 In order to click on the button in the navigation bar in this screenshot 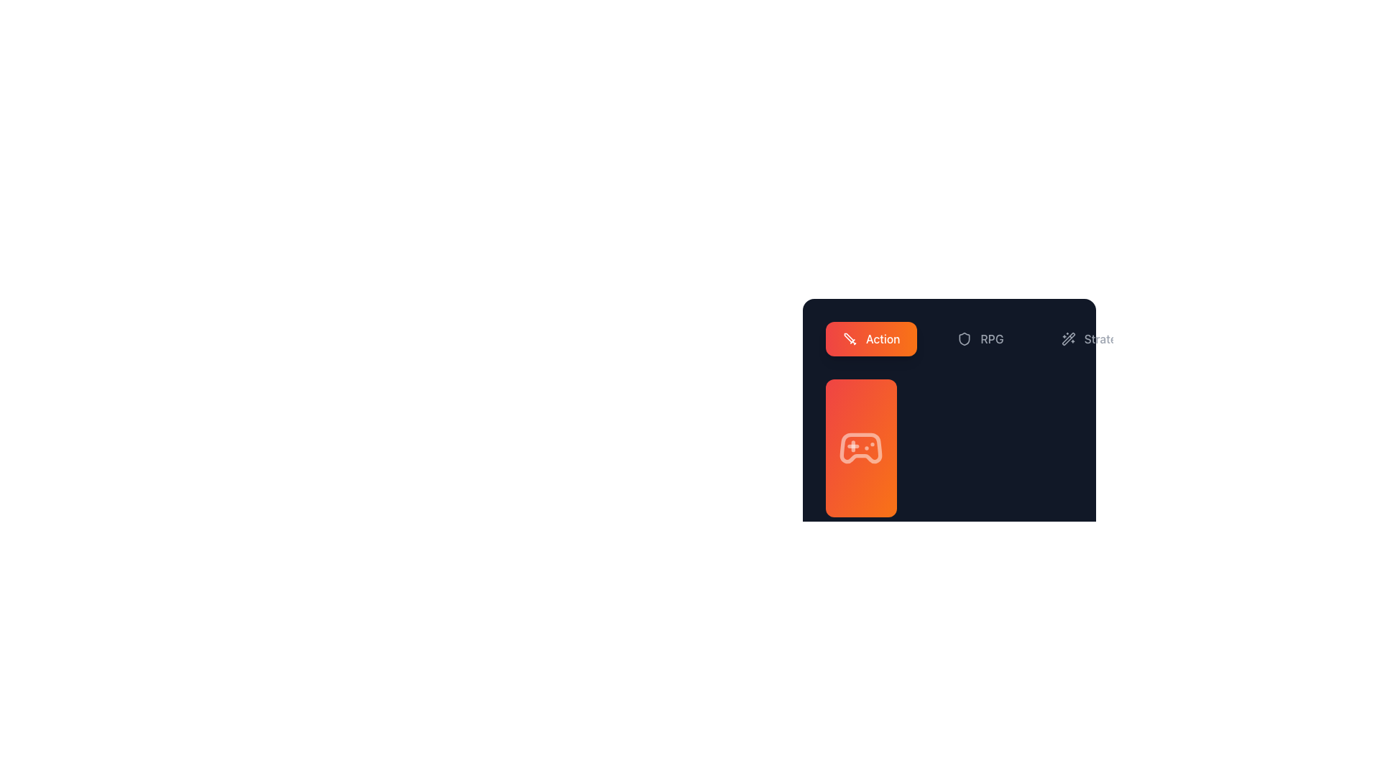, I will do `click(949, 338)`.